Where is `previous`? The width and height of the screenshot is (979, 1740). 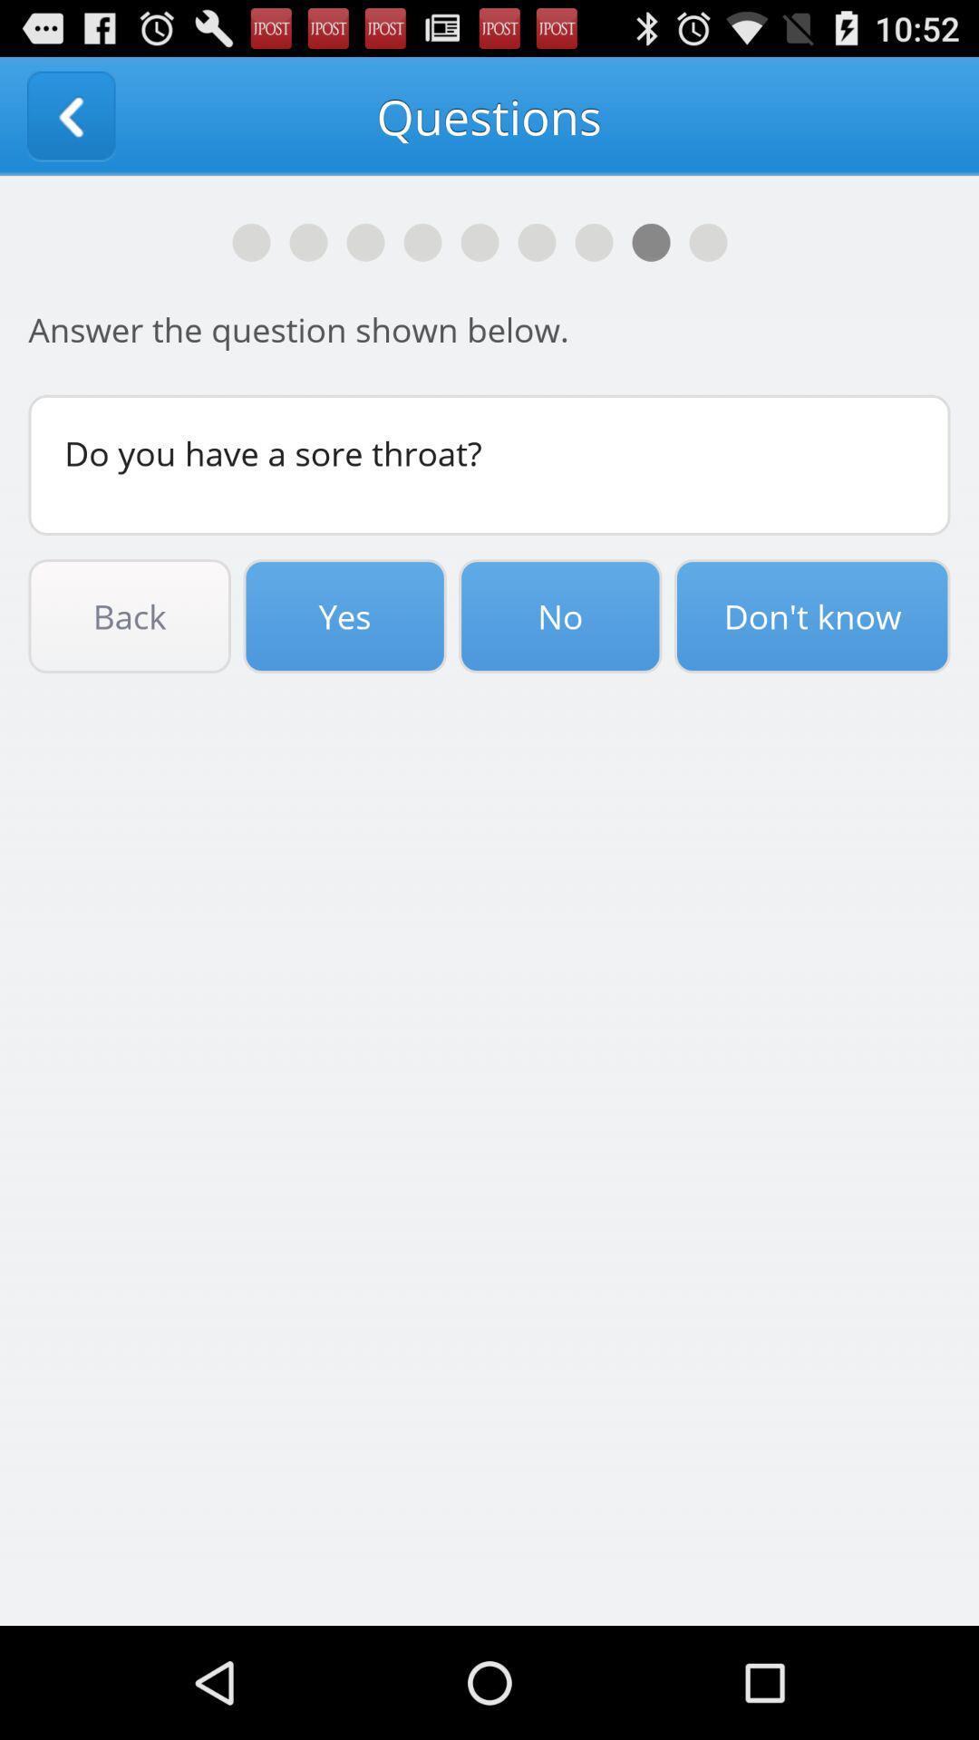 previous is located at coordinates (70, 115).